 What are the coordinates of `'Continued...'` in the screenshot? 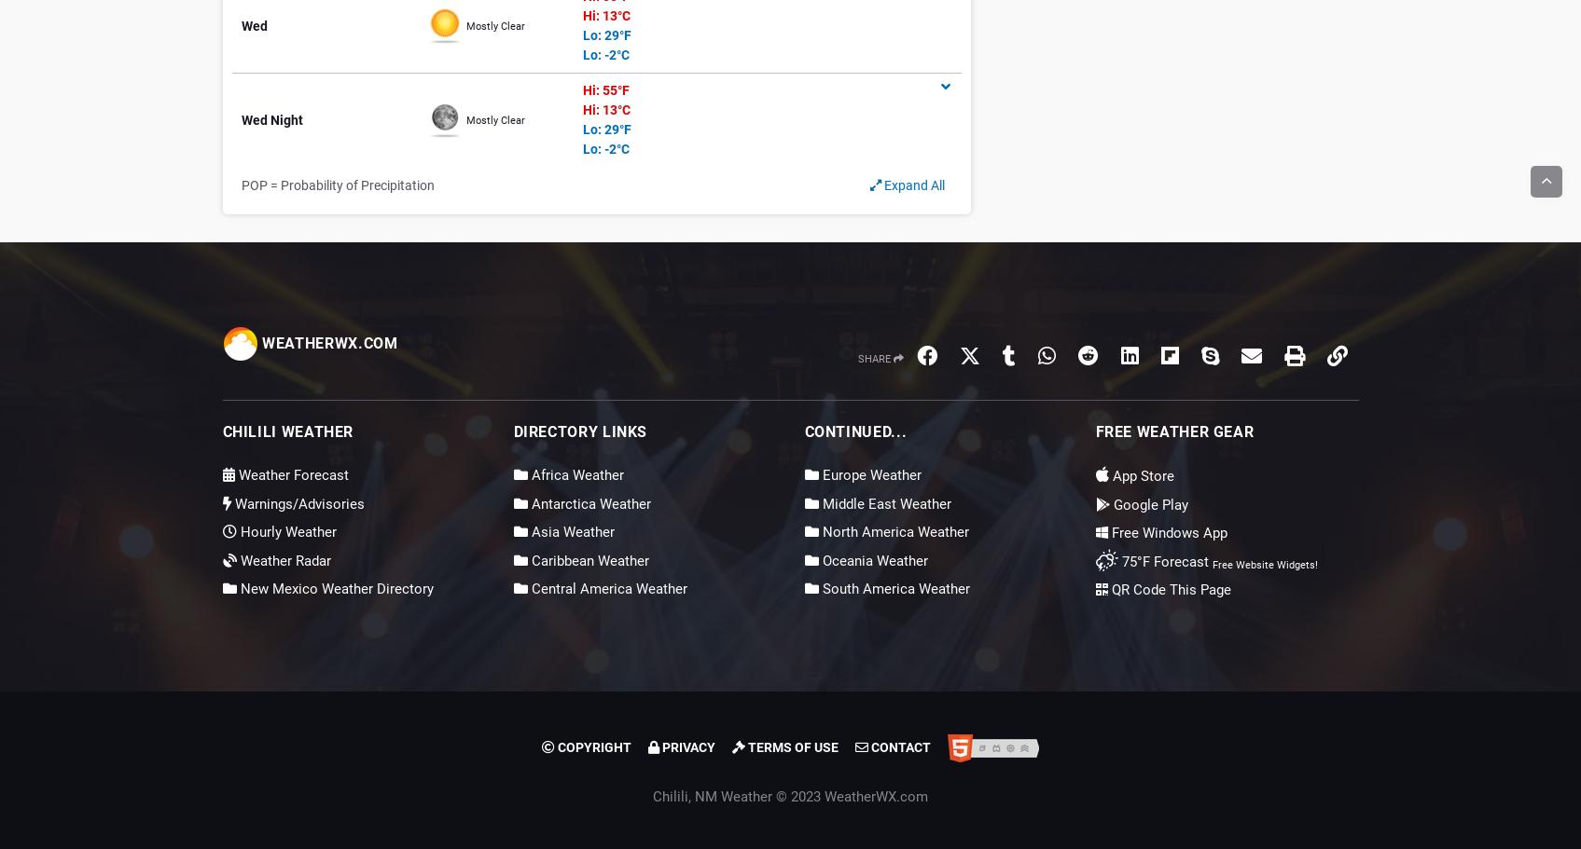 It's located at (854, 431).